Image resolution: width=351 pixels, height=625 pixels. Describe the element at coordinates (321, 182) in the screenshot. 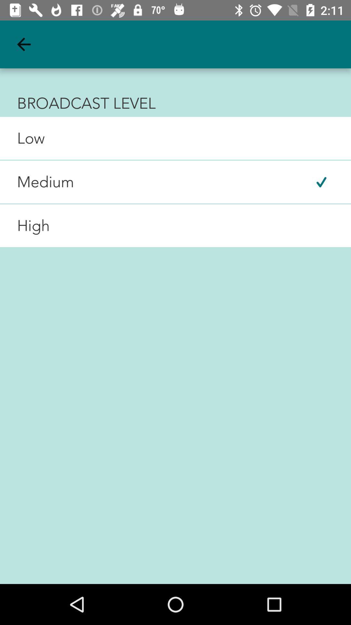

I see `item at the top right corner` at that location.